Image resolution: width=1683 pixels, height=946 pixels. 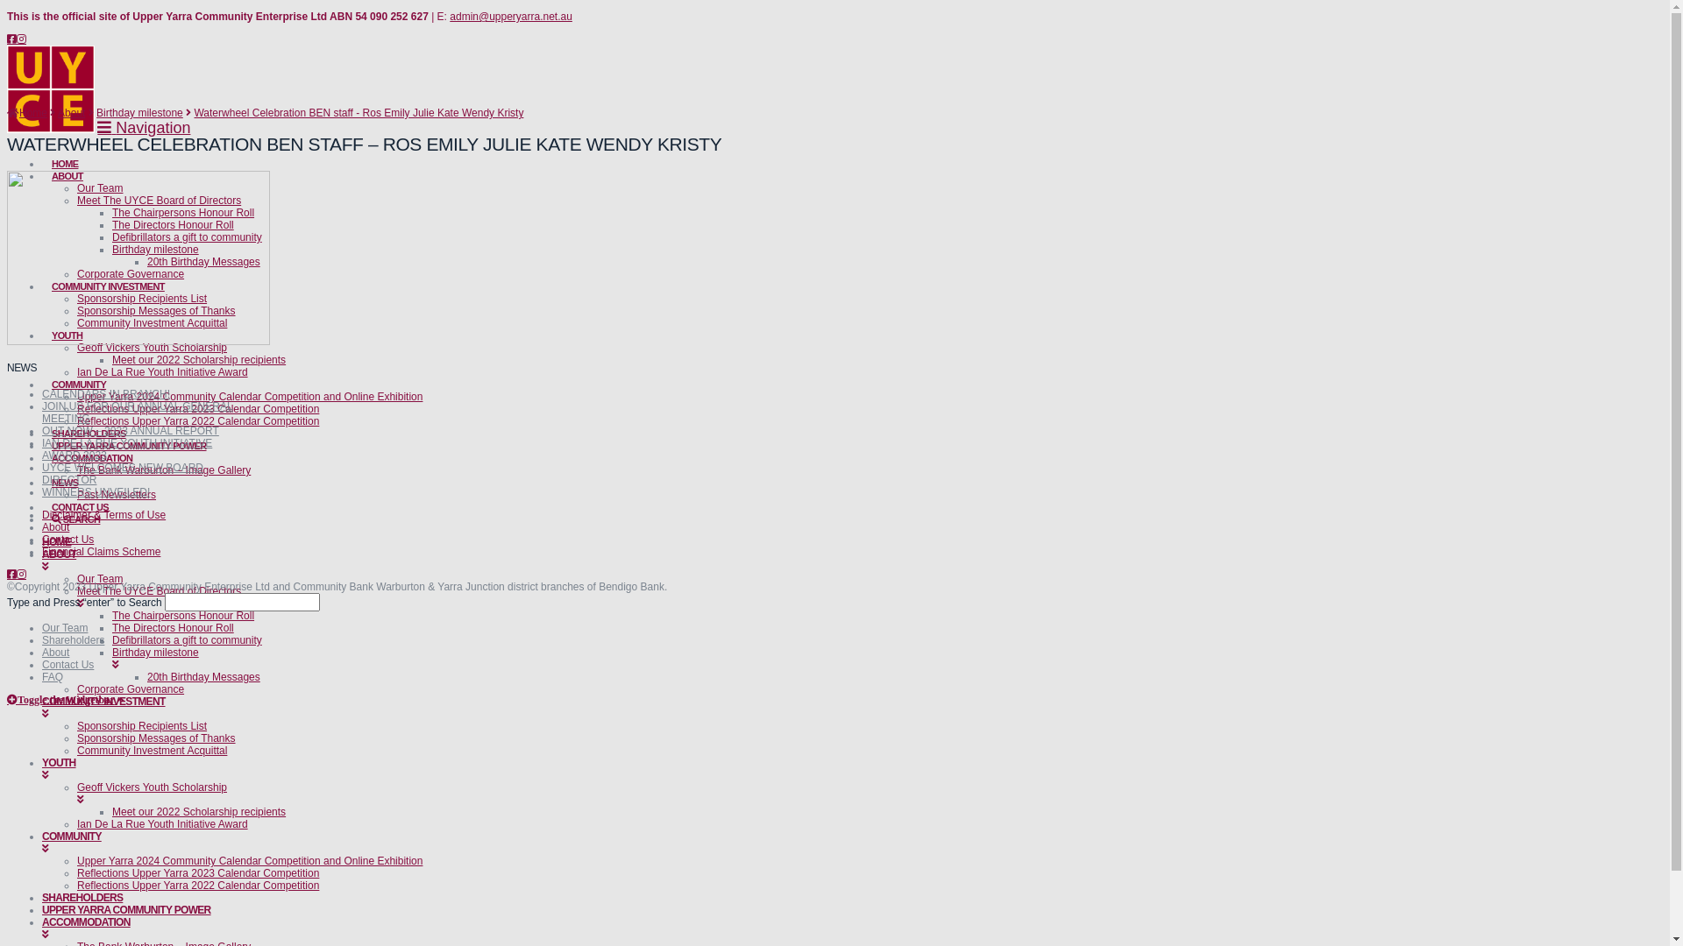 I want to click on 'Corporate Governance', so click(x=129, y=273).